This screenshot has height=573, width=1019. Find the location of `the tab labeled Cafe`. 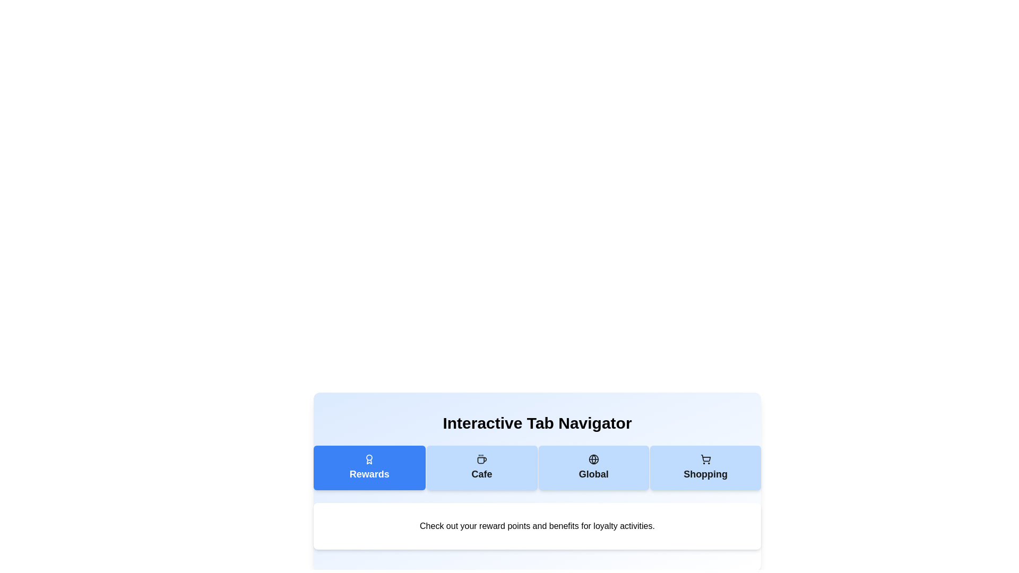

the tab labeled Cafe is located at coordinates (481, 467).